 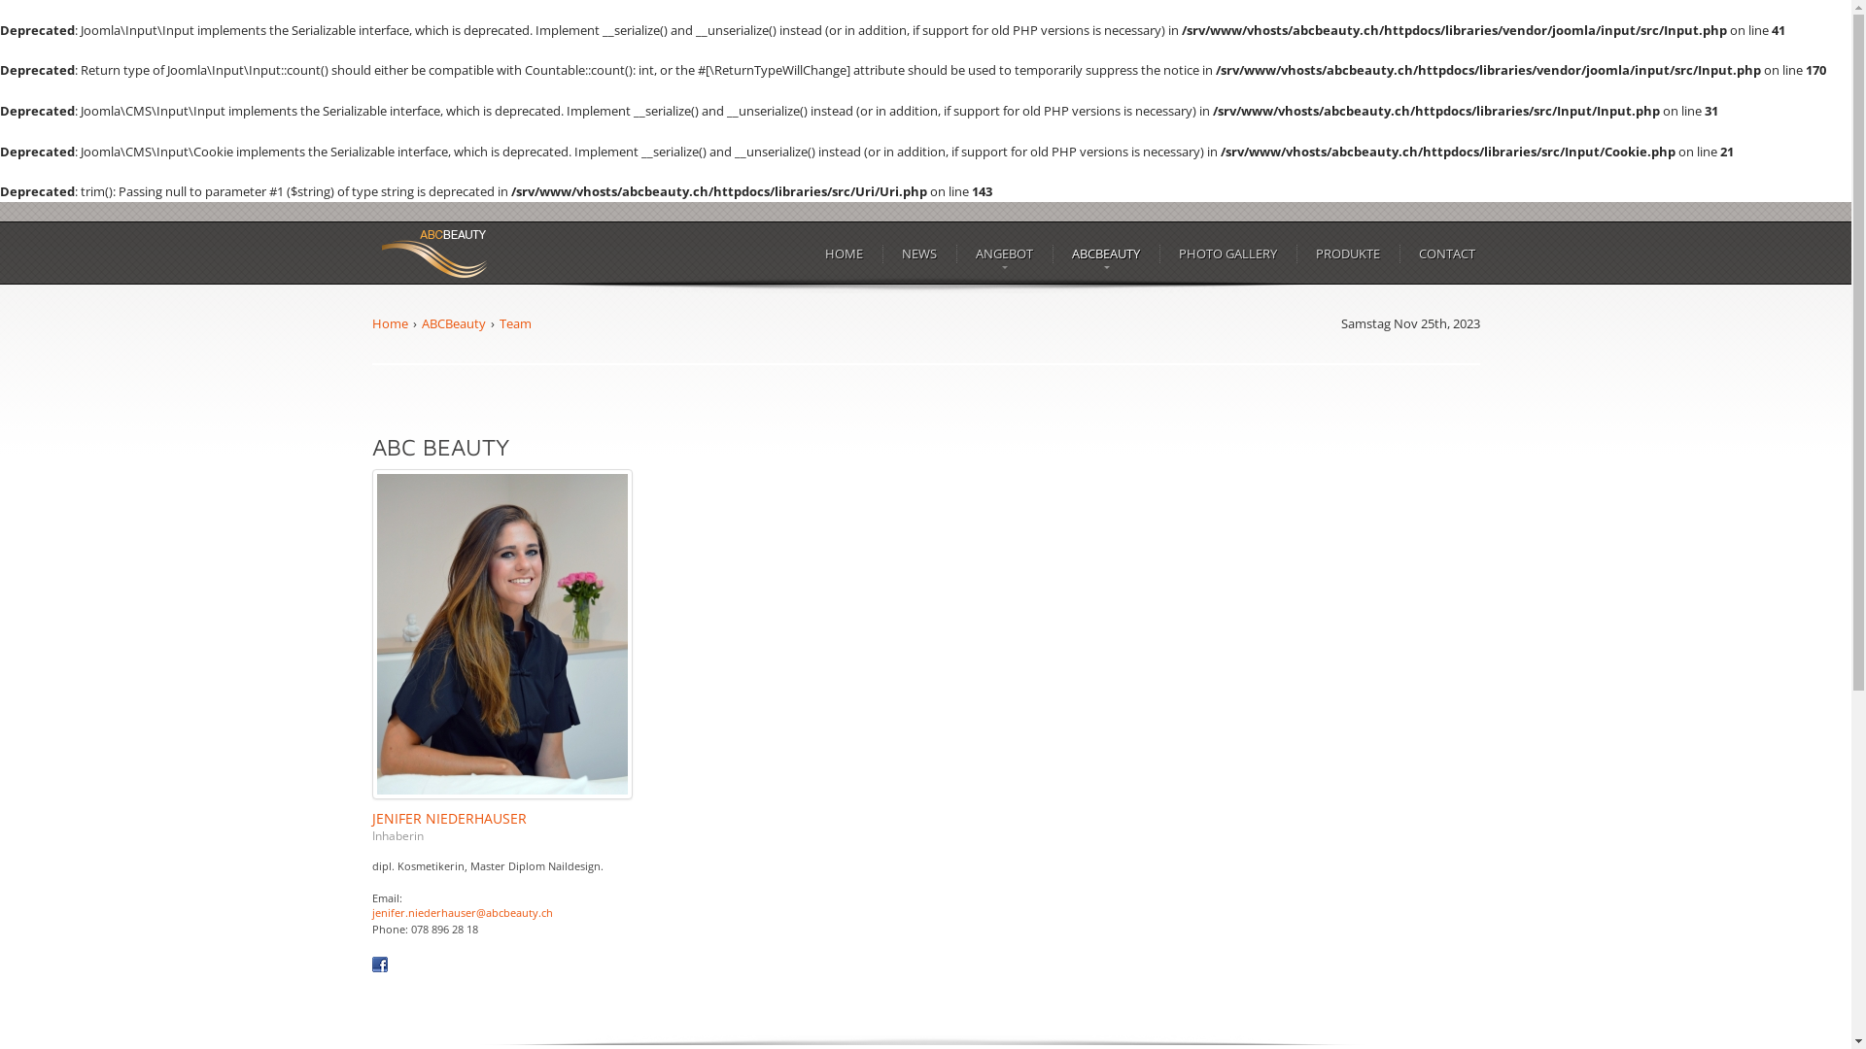 What do you see at coordinates (917, 253) in the screenshot?
I see `'NEWS'` at bounding box center [917, 253].